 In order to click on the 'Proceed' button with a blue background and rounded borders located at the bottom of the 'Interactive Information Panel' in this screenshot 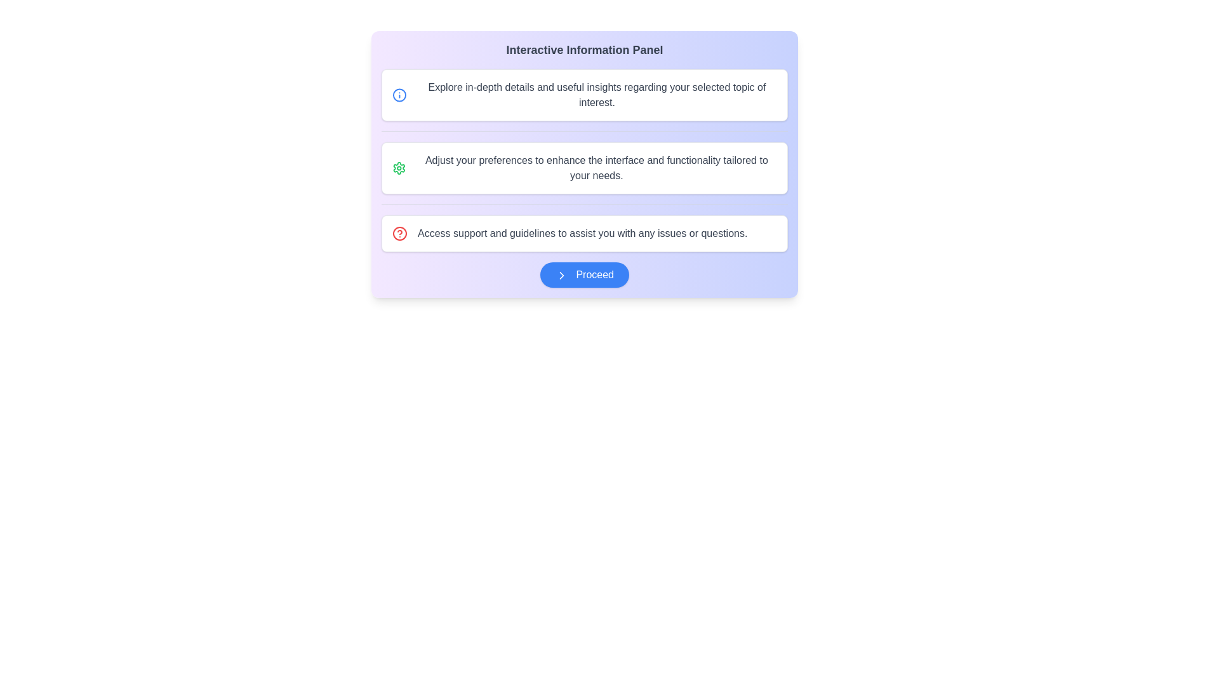, I will do `click(584, 274)`.